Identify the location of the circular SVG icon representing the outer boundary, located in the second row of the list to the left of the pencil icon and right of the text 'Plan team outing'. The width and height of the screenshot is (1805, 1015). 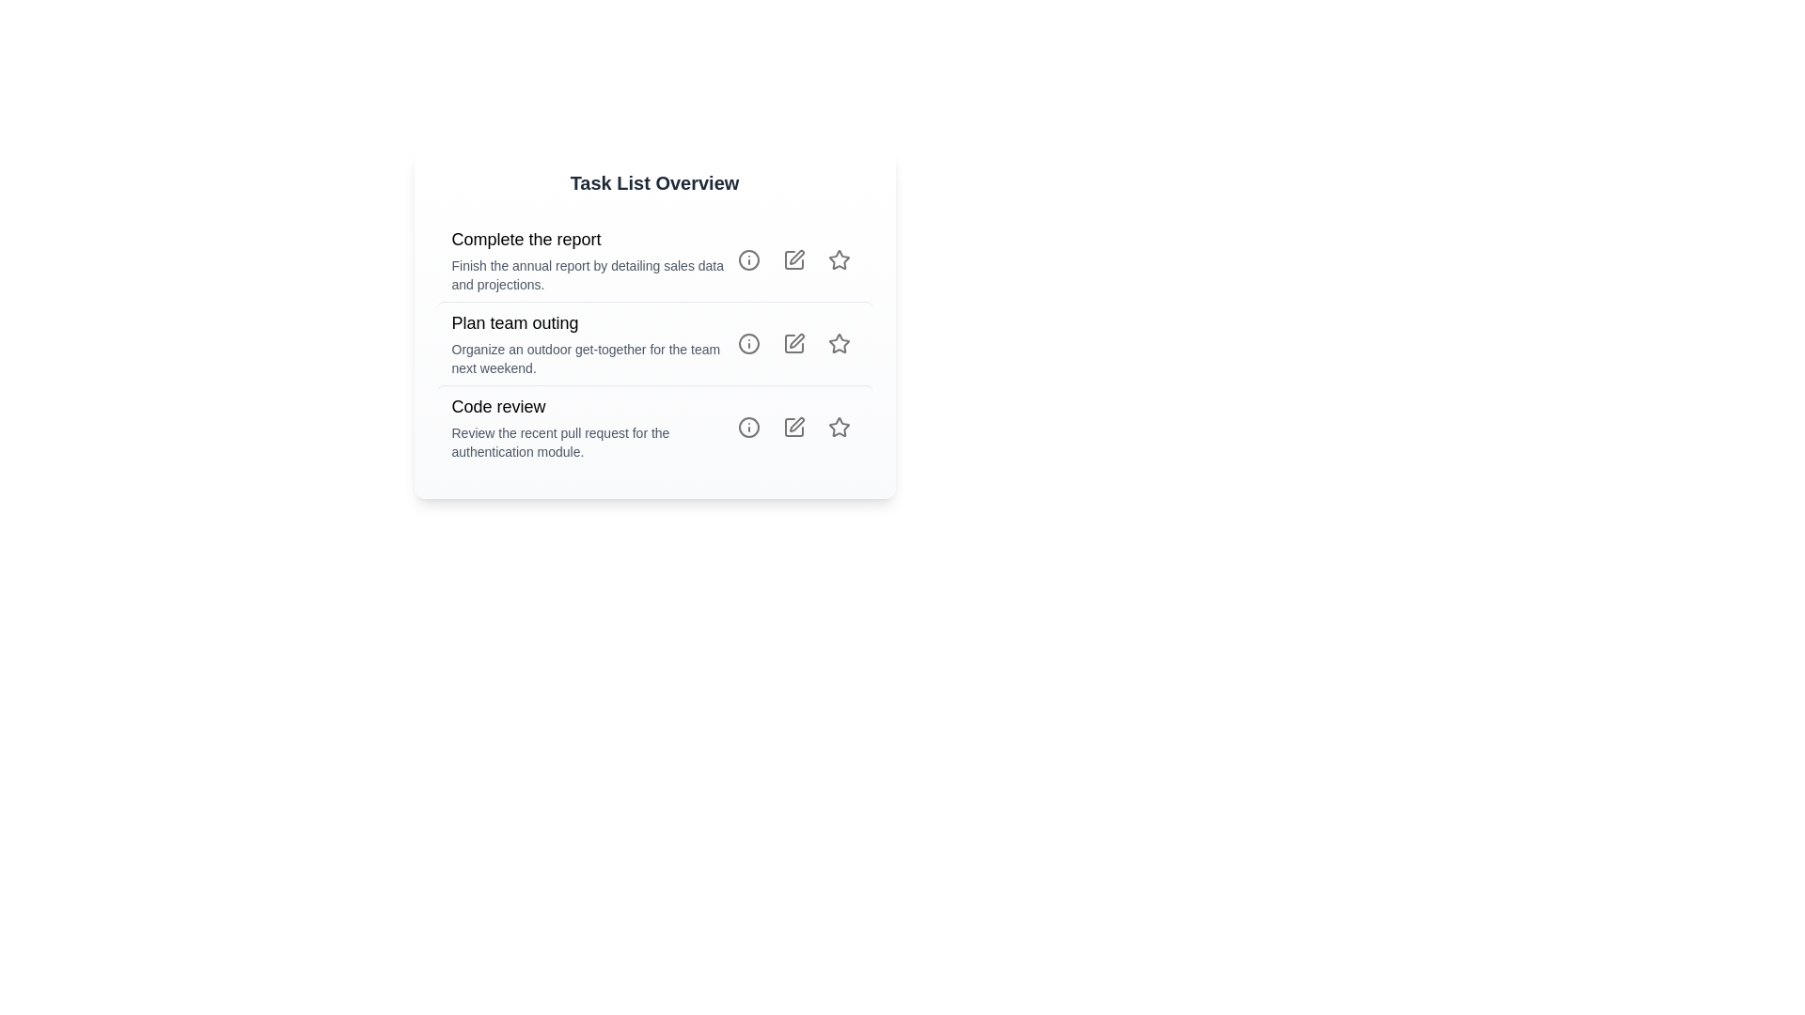
(747, 344).